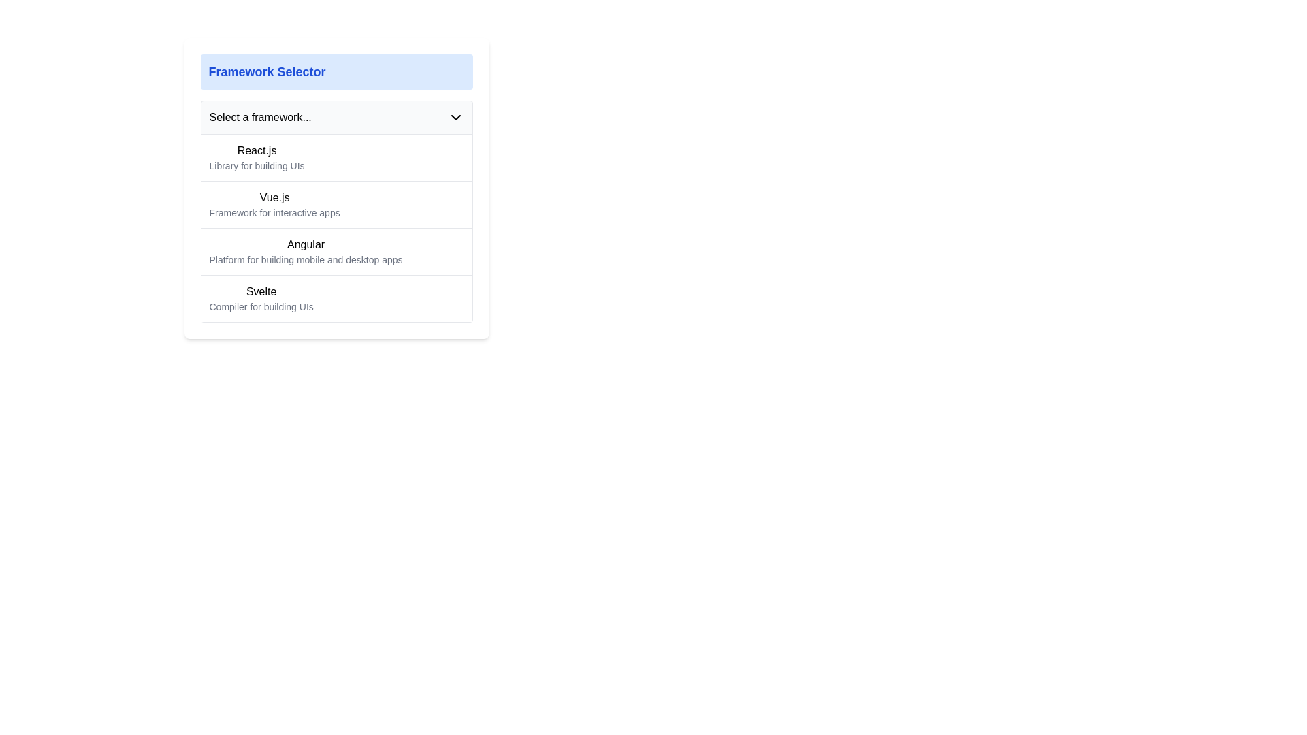  Describe the element at coordinates (336, 251) in the screenshot. I see `the 'Angular' option` at that location.